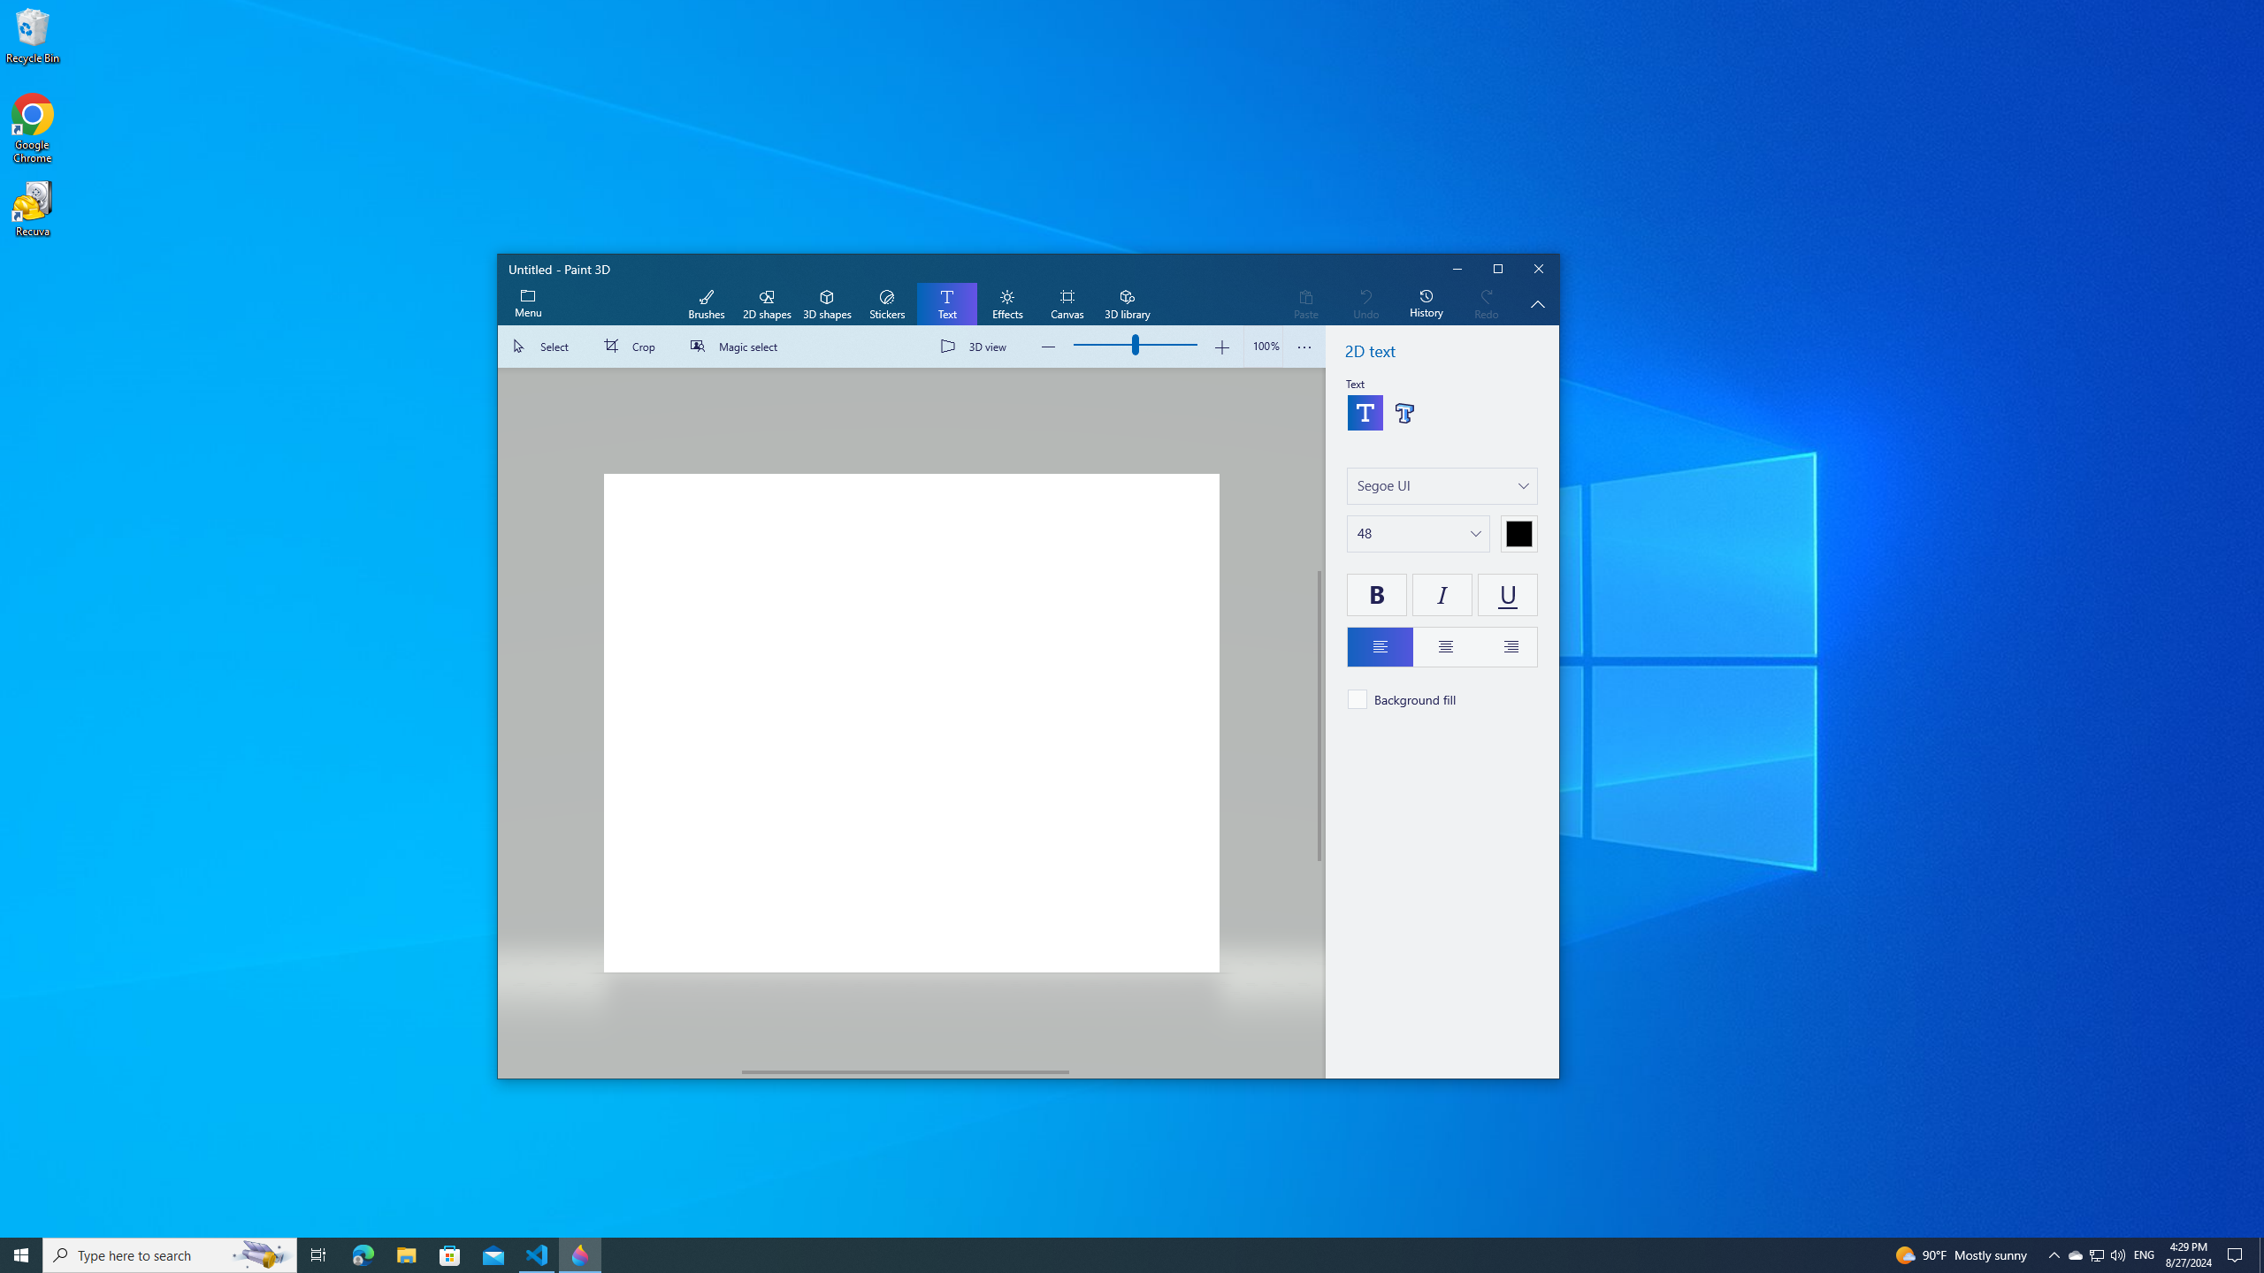 This screenshot has width=2264, height=1273. Describe the element at coordinates (976, 346) in the screenshot. I see `'3D view'` at that location.